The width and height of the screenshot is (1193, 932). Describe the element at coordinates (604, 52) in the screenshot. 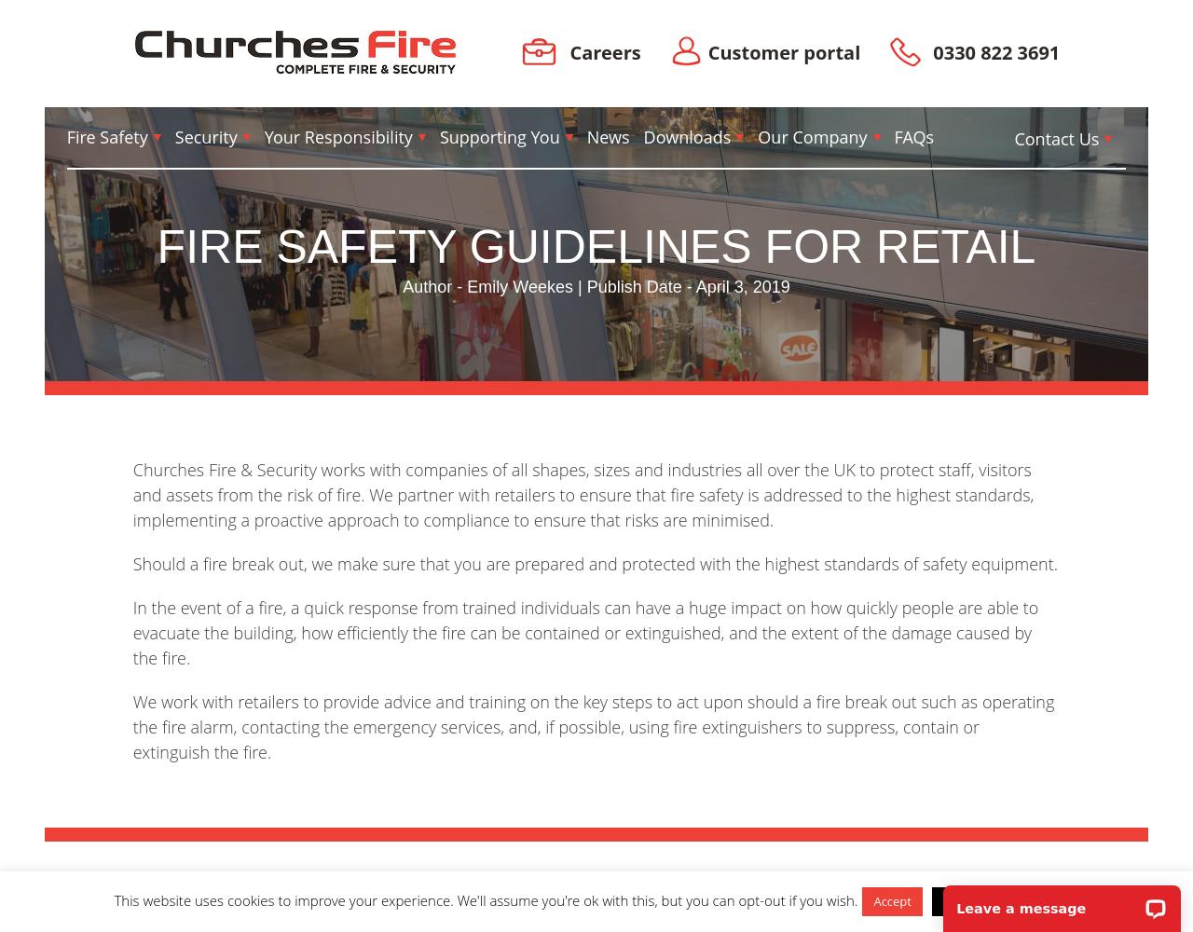

I see `'Careers'` at that location.